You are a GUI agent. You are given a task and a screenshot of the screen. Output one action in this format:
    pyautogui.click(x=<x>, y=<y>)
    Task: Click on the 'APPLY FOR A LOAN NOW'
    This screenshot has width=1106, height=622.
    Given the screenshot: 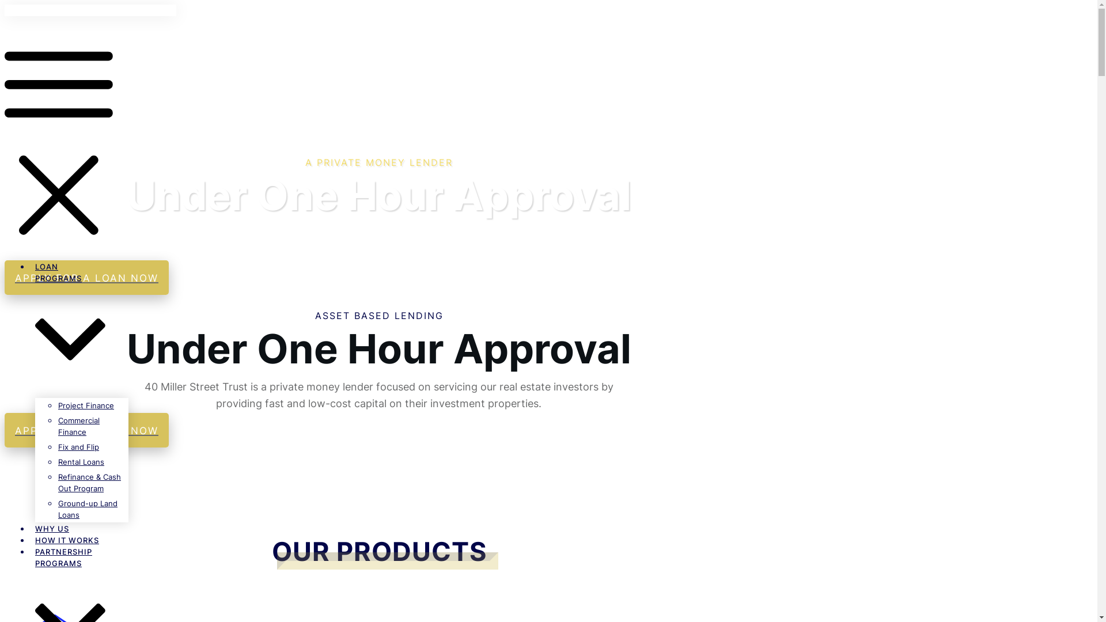 What is the action you would take?
    pyautogui.click(x=86, y=430)
    